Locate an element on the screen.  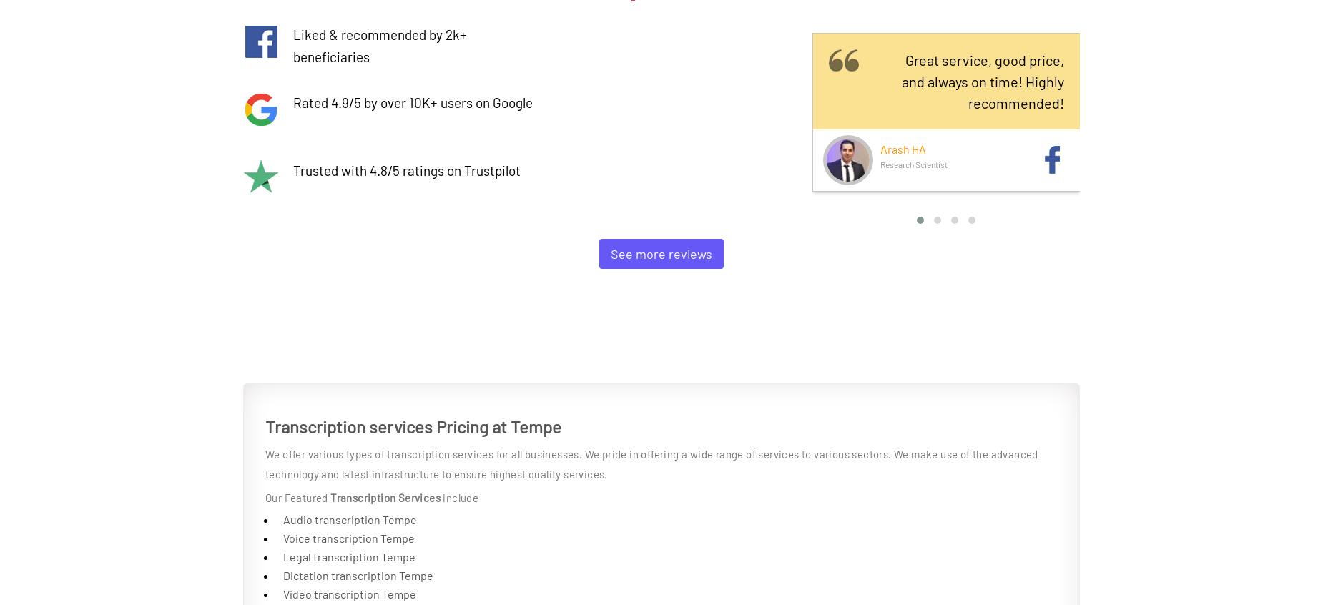
'See more reviews' is located at coordinates (610, 253).